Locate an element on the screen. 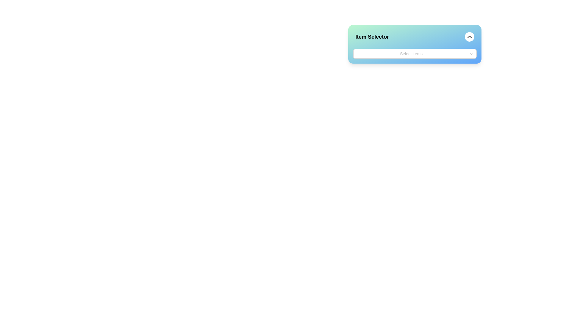 The height and width of the screenshot is (321, 571). the dropdown menu's placeholder text to focus it, which is located at the center of the dropdown field component below the label 'Item Selector' is located at coordinates (411, 54).